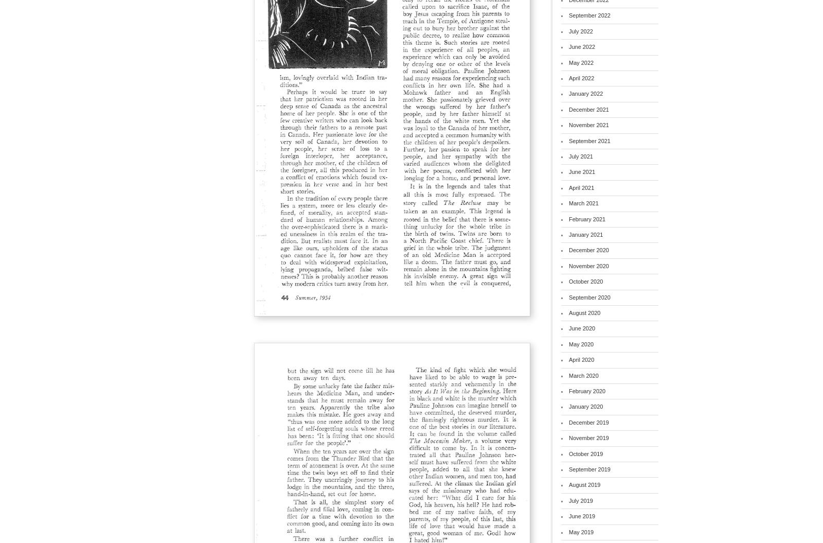  I want to click on 'July 2021', so click(569, 155).